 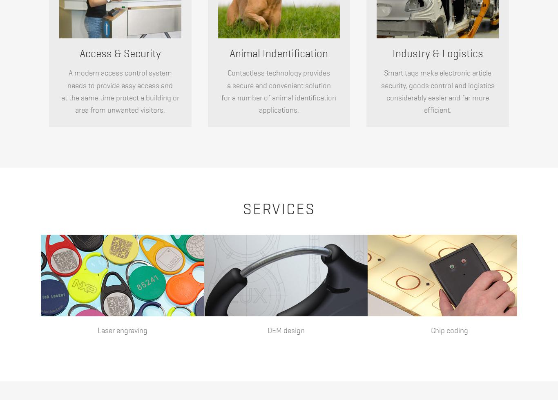 I want to click on 'A modern access control system needs to provide easy access and at the same time protect a building or area from unwanted visitors.', so click(x=120, y=91).